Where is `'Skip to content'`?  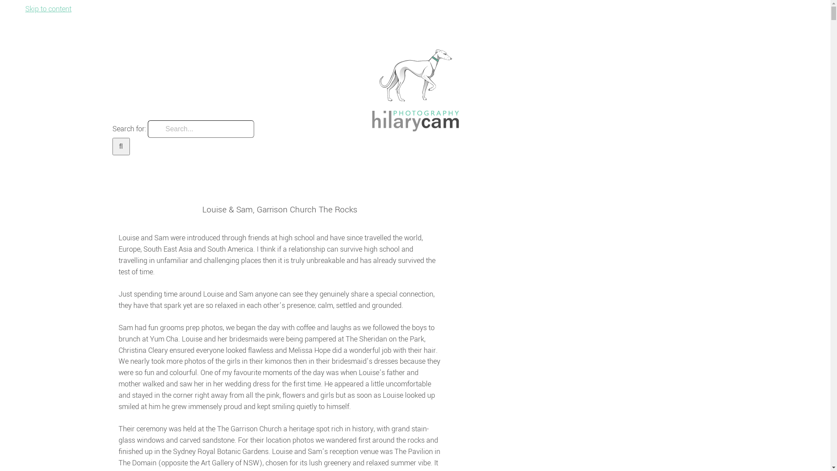
'Skip to content' is located at coordinates (25, 9).